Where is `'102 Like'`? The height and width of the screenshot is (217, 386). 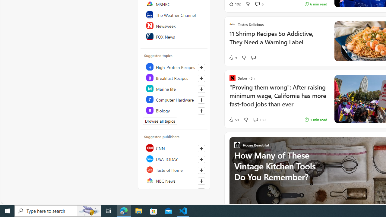 '102 Like' is located at coordinates (234, 4).